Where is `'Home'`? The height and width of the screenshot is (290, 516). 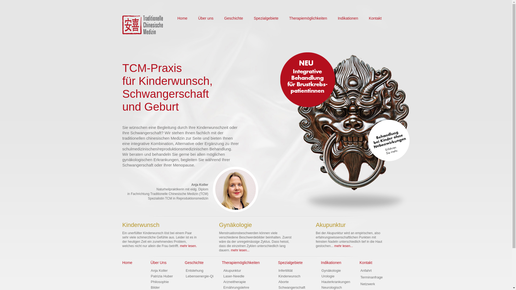
'Home' is located at coordinates (182, 18).